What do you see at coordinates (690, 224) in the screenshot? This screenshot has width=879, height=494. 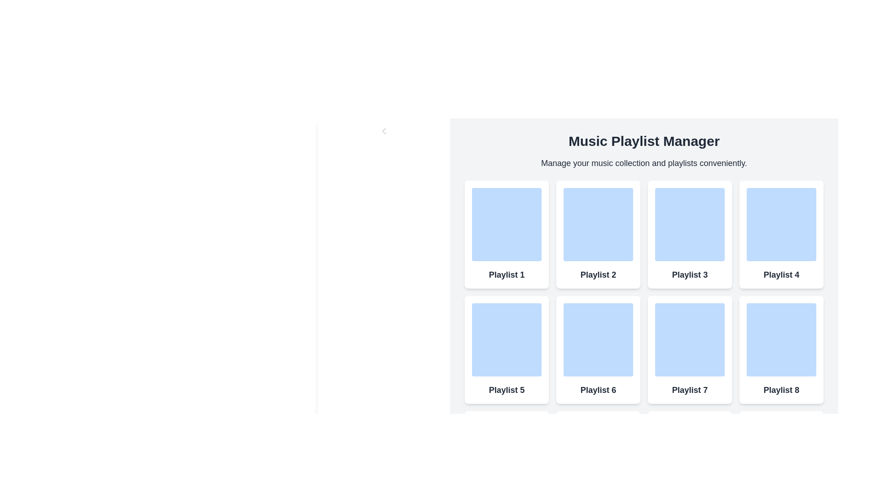 I see `the visual placeholder or thumbnail area for the 'Playlist 3' card, which is a large visual block in the third column of the first row of playlist cards` at bounding box center [690, 224].